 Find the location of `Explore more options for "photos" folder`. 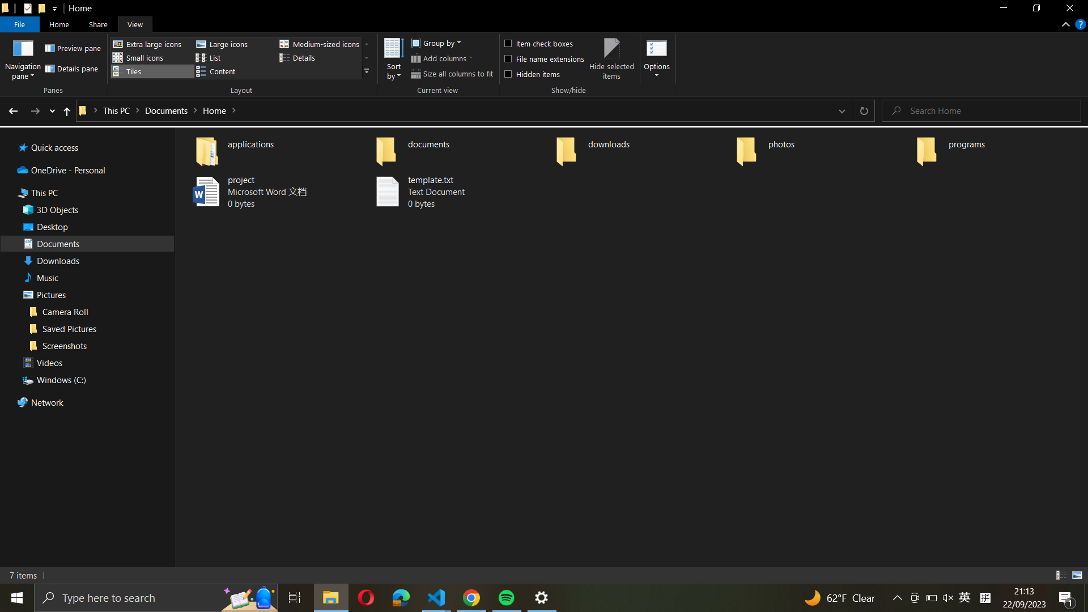

Explore more options for "photos" folder is located at coordinates (821, 148).